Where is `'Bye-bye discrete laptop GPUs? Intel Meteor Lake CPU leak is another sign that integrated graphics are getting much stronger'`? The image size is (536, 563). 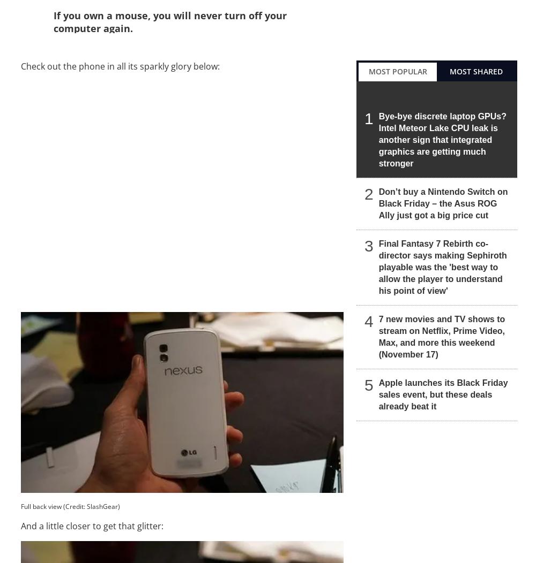
'Bye-bye discrete laptop GPUs? Intel Meteor Lake CPU leak is another sign that integrated graphics are getting much stronger' is located at coordinates (442, 139).